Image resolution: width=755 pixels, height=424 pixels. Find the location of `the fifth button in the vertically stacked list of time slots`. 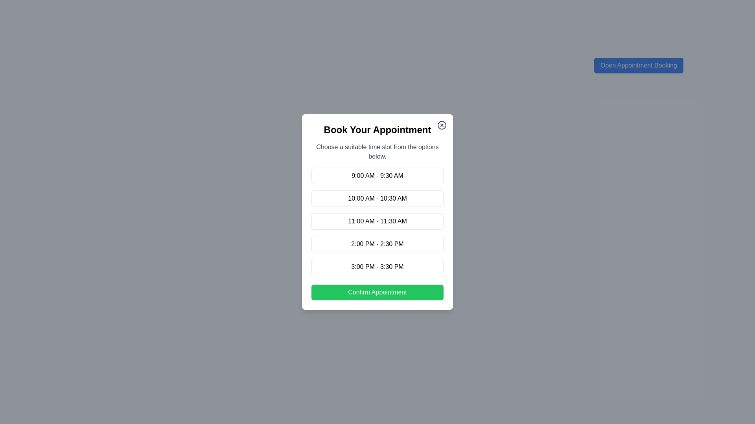

the fifth button in the vertically stacked list of time slots is located at coordinates (377, 266).